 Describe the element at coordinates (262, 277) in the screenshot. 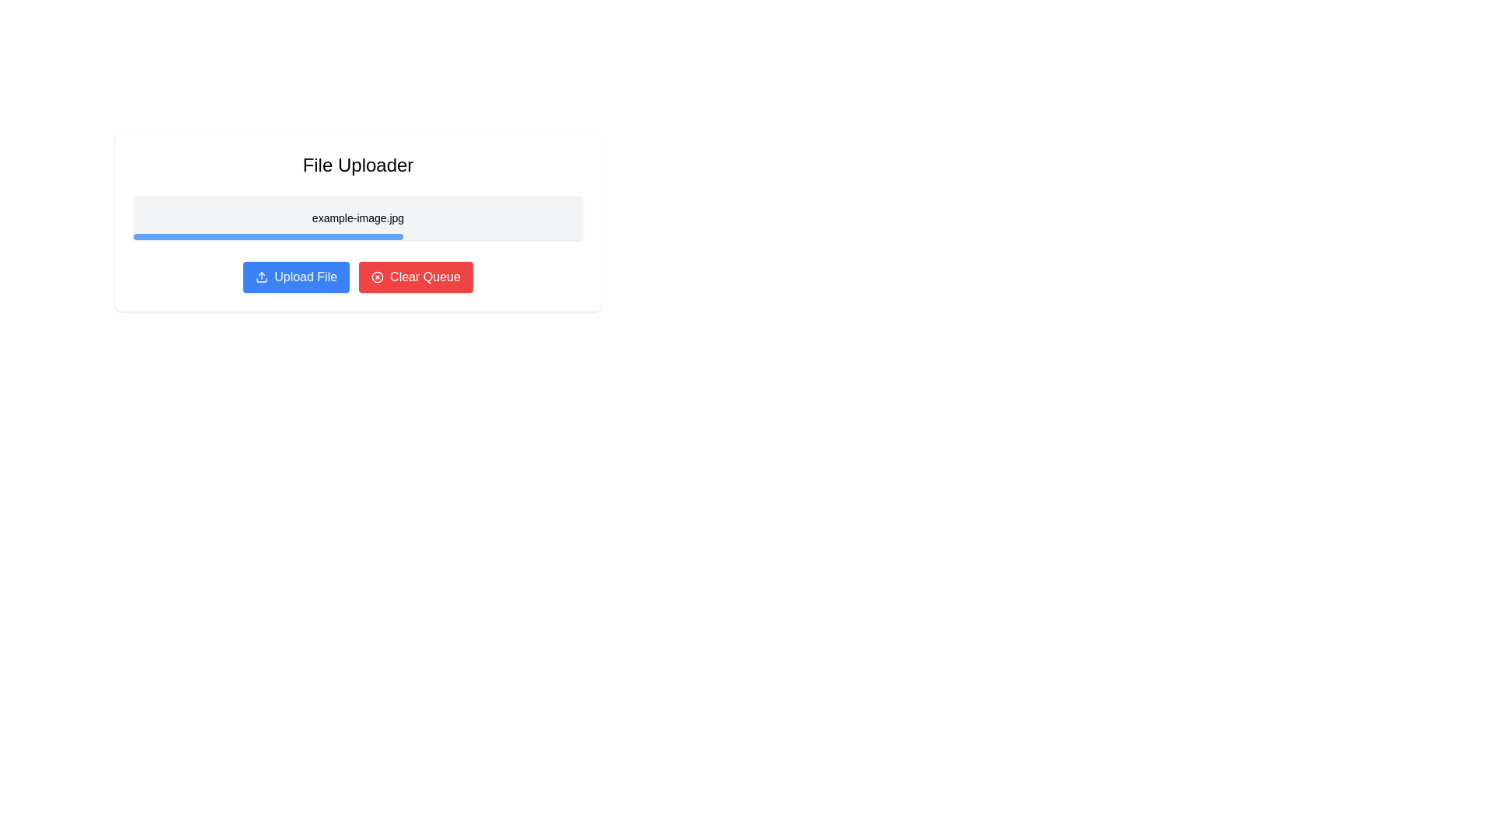

I see `the upload icon located inside the 'Upload File' button, which is positioned under the progress bar and to the left of the 'Clear Queue' button` at that location.